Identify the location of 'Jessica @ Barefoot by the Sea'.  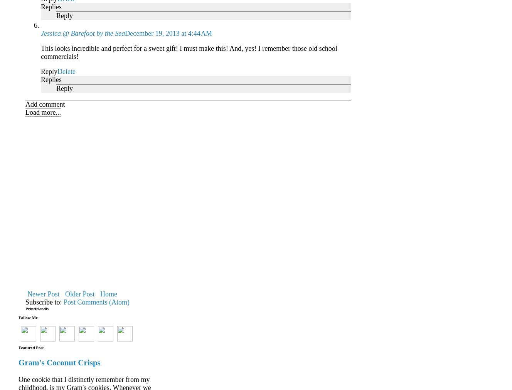
(83, 33).